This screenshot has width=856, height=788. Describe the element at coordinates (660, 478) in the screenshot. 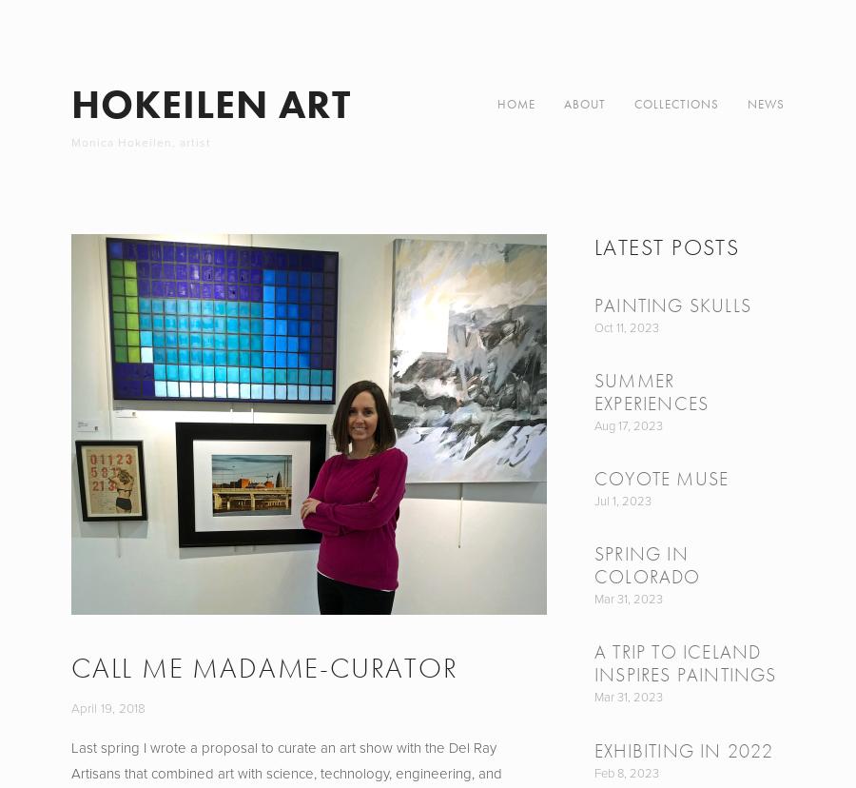

I see `'Coyote Muse'` at that location.